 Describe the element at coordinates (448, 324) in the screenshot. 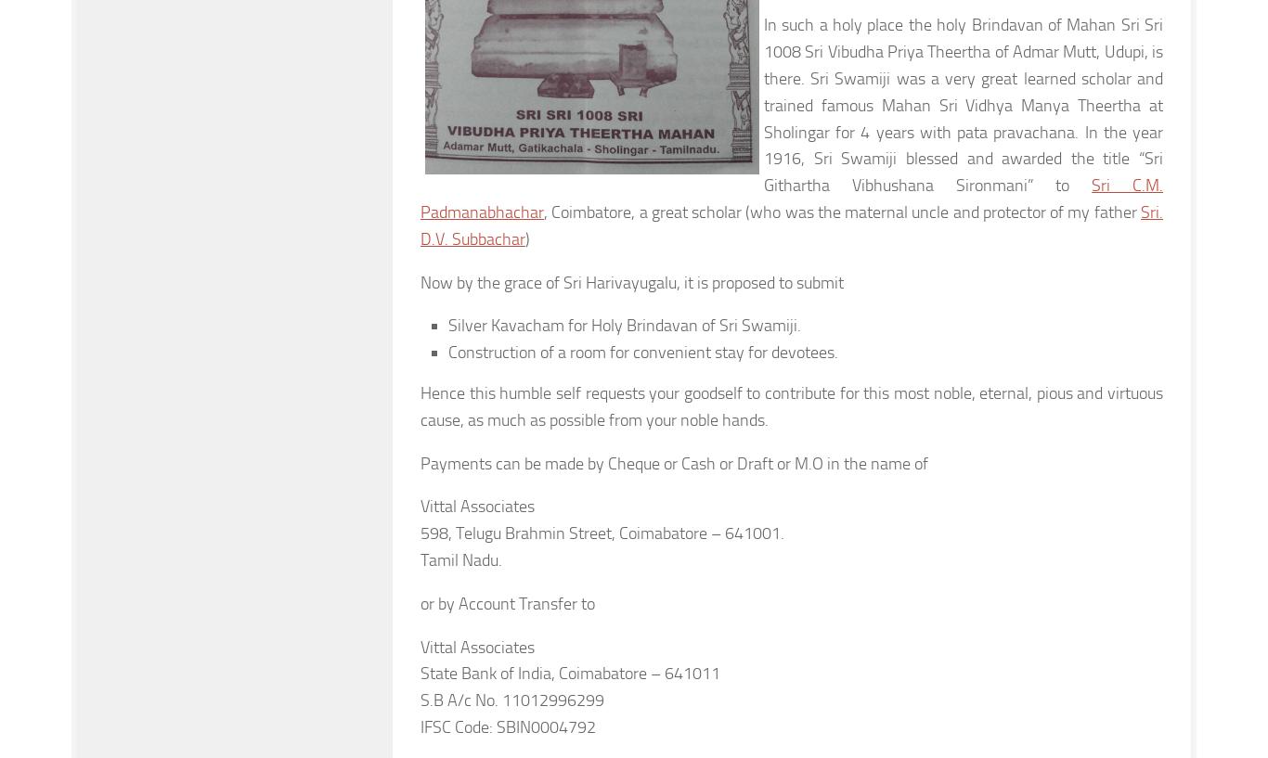

I see `'Silver Kavacham for Holy Brindavan of Sri Swamiji.'` at that location.